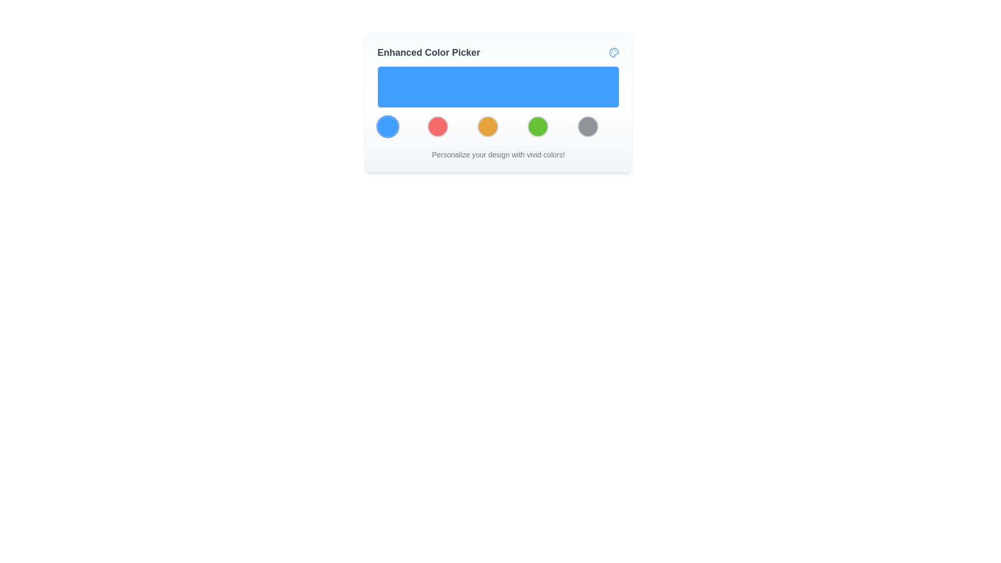  What do you see at coordinates (538, 126) in the screenshot?
I see `the fourth circular button for selecting a green color option in the color picker interface, located under the blue rectangular area` at bounding box center [538, 126].